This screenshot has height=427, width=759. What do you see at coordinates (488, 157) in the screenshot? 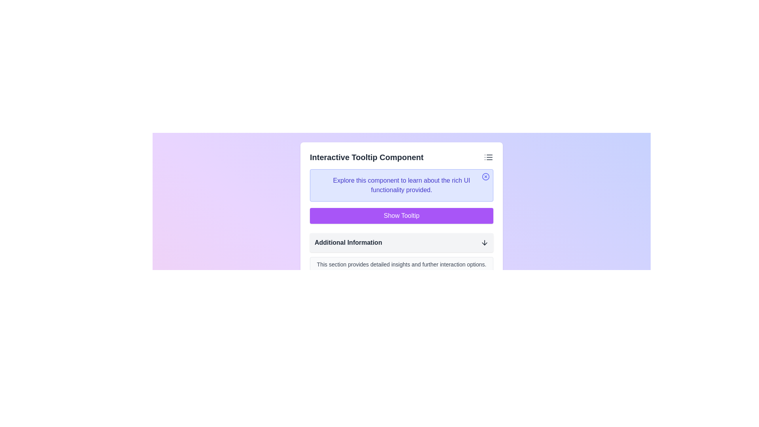
I see `the list menu icon located at the far right of the header section labeled 'Interactive Tooltip Component' to interact with it` at bounding box center [488, 157].